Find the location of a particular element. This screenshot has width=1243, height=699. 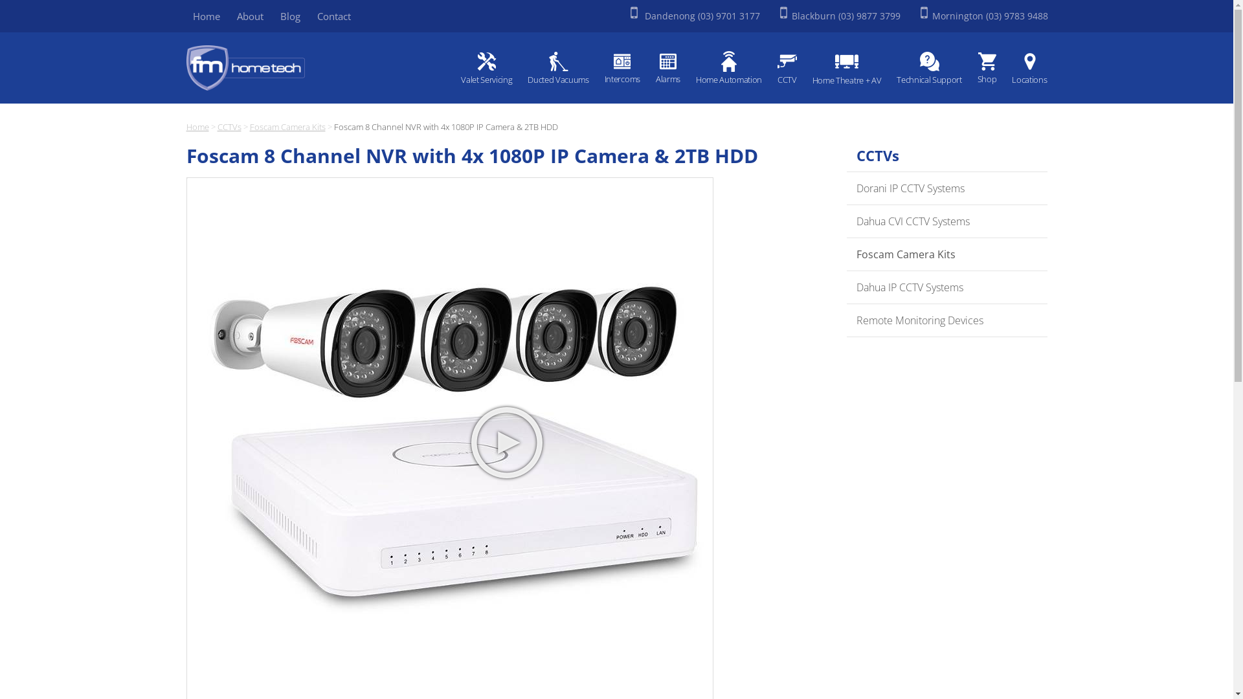

'Intercoms' is located at coordinates (622, 69).